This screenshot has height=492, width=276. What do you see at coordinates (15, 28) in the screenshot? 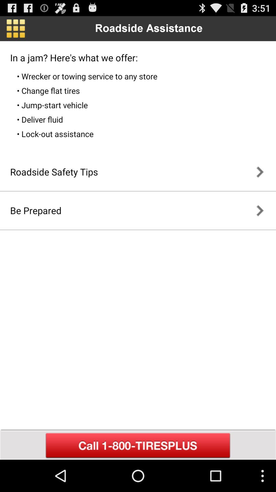
I see `show menu` at bounding box center [15, 28].